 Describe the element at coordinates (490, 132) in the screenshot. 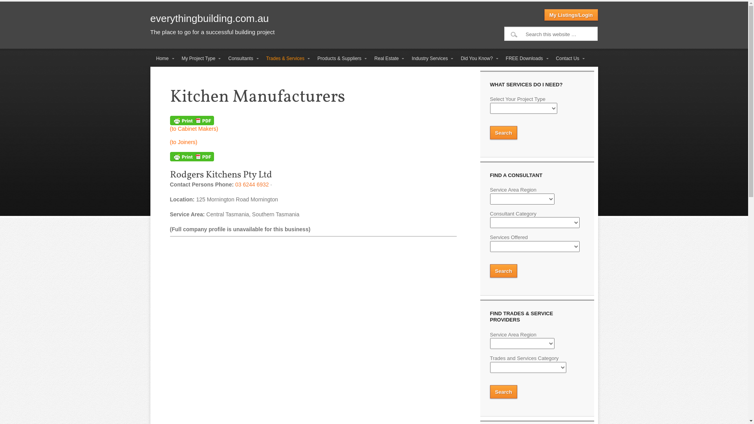

I see `'Search'` at that location.